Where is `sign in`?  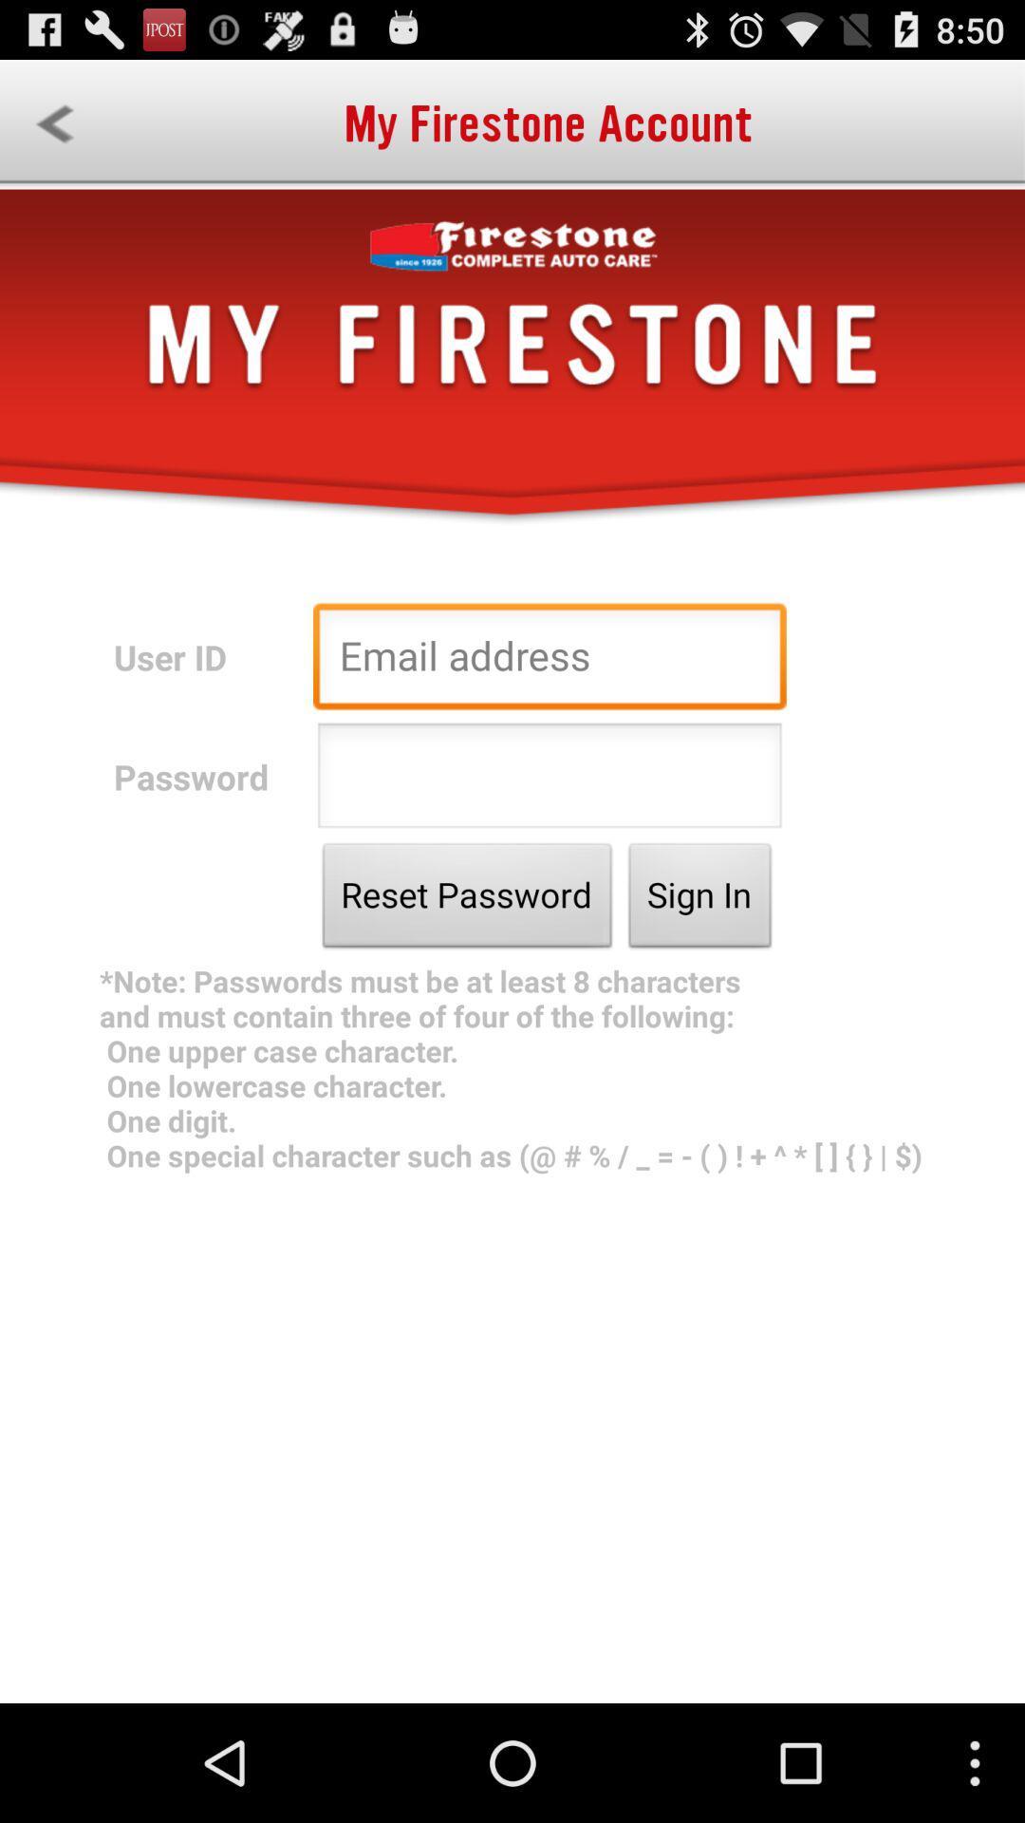
sign in is located at coordinates (699, 899).